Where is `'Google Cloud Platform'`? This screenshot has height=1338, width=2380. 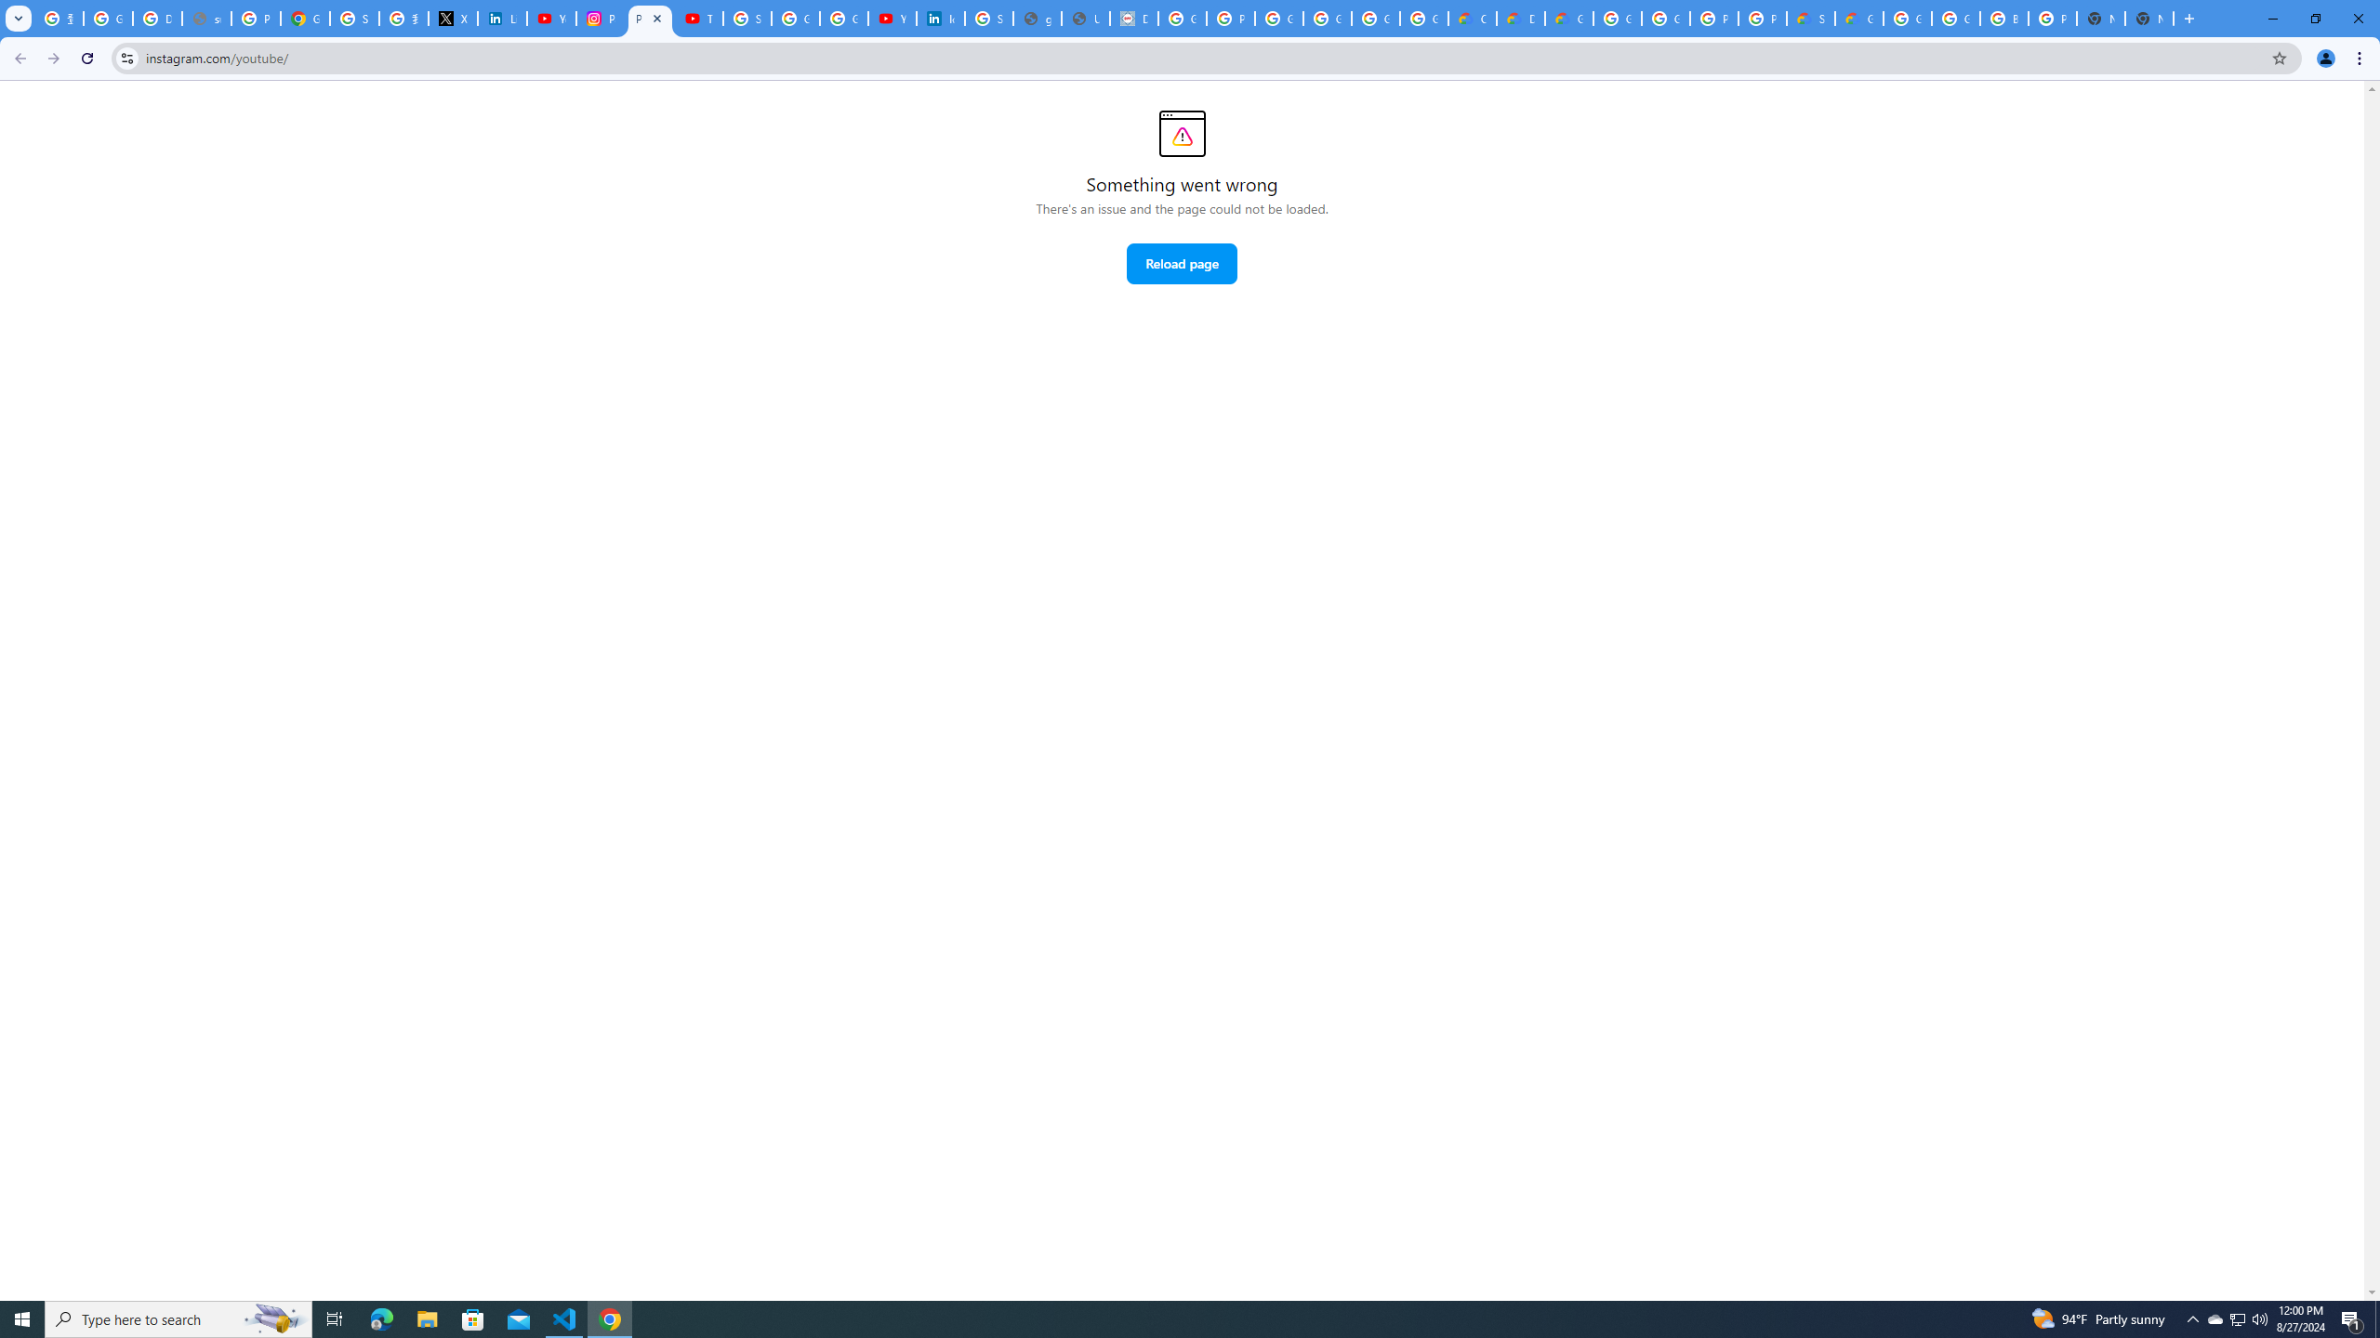 'Google Cloud Platform' is located at coordinates (1616, 18).